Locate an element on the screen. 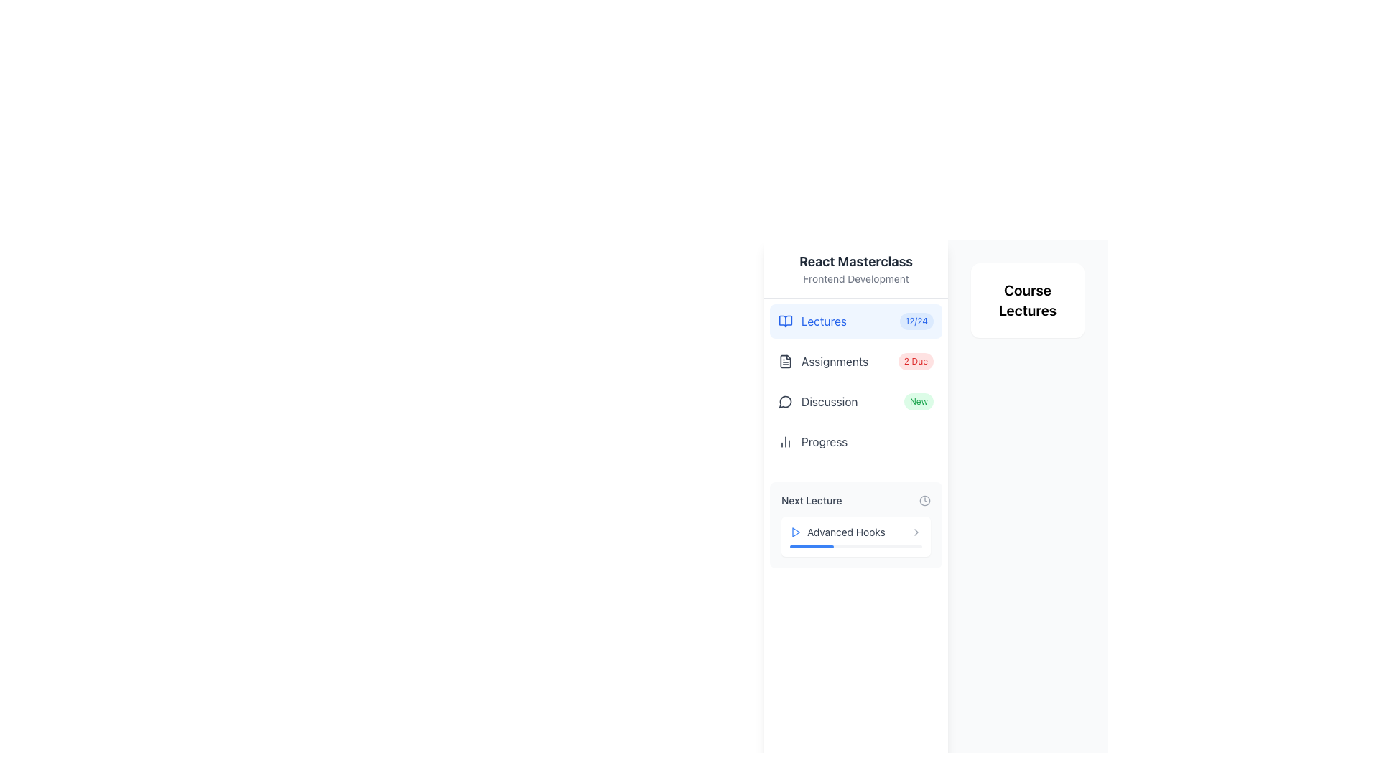  the navigation button for the 'Assignments' section is located at coordinates (855, 361).